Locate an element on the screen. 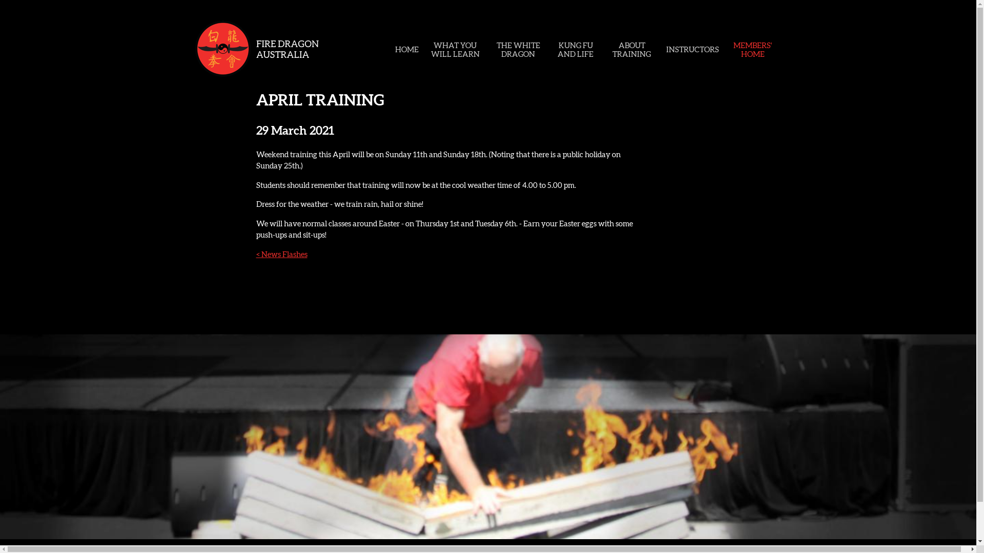  'WHAT YOU WILL LEARN' is located at coordinates (423, 49).